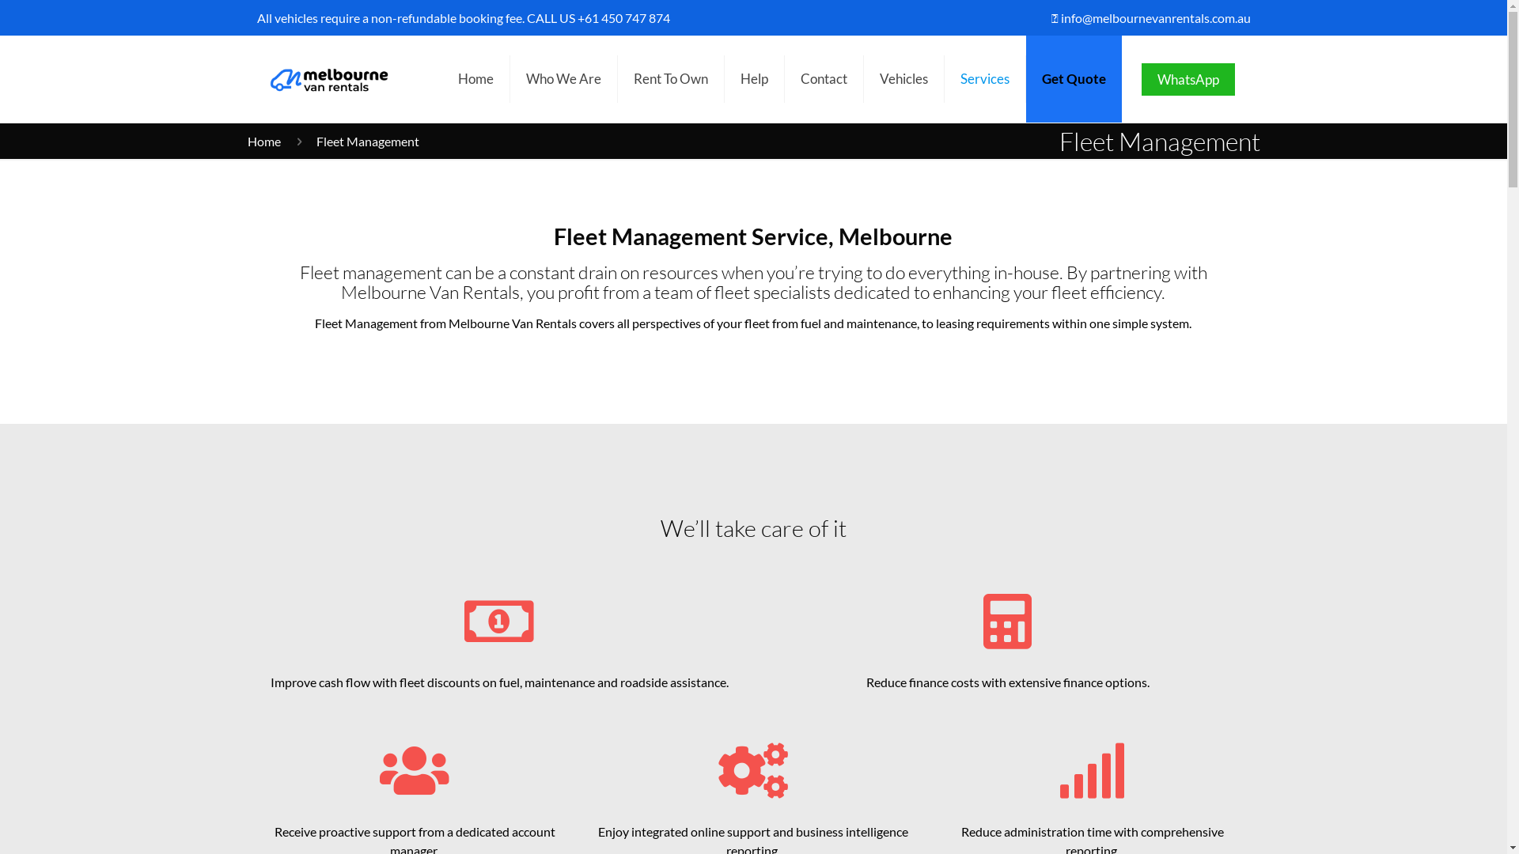 This screenshot has width=1519, height=854. What do you see at coordinates (563, 79) in the screenshot?
I see `'Who We Are'` at bounding box center [563, 79].